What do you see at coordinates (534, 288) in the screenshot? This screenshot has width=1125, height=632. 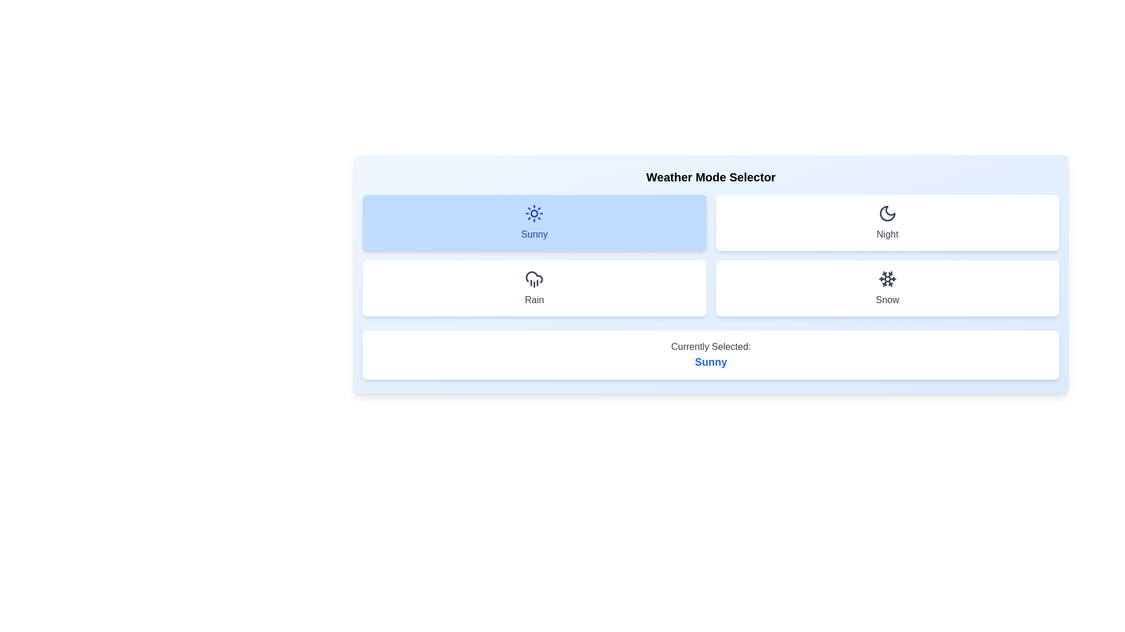 I see `the weather option Rain` at bounding box center [534, 288].